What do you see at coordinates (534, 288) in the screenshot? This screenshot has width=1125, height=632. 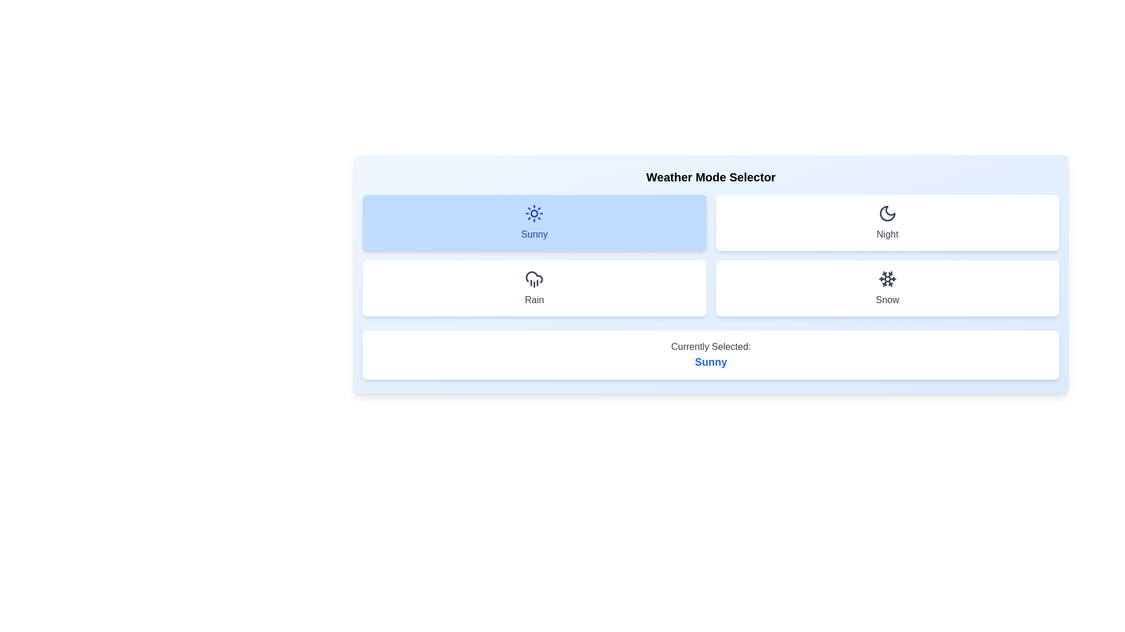 I see `the weather option Rain` at bounding box center [534, 288].